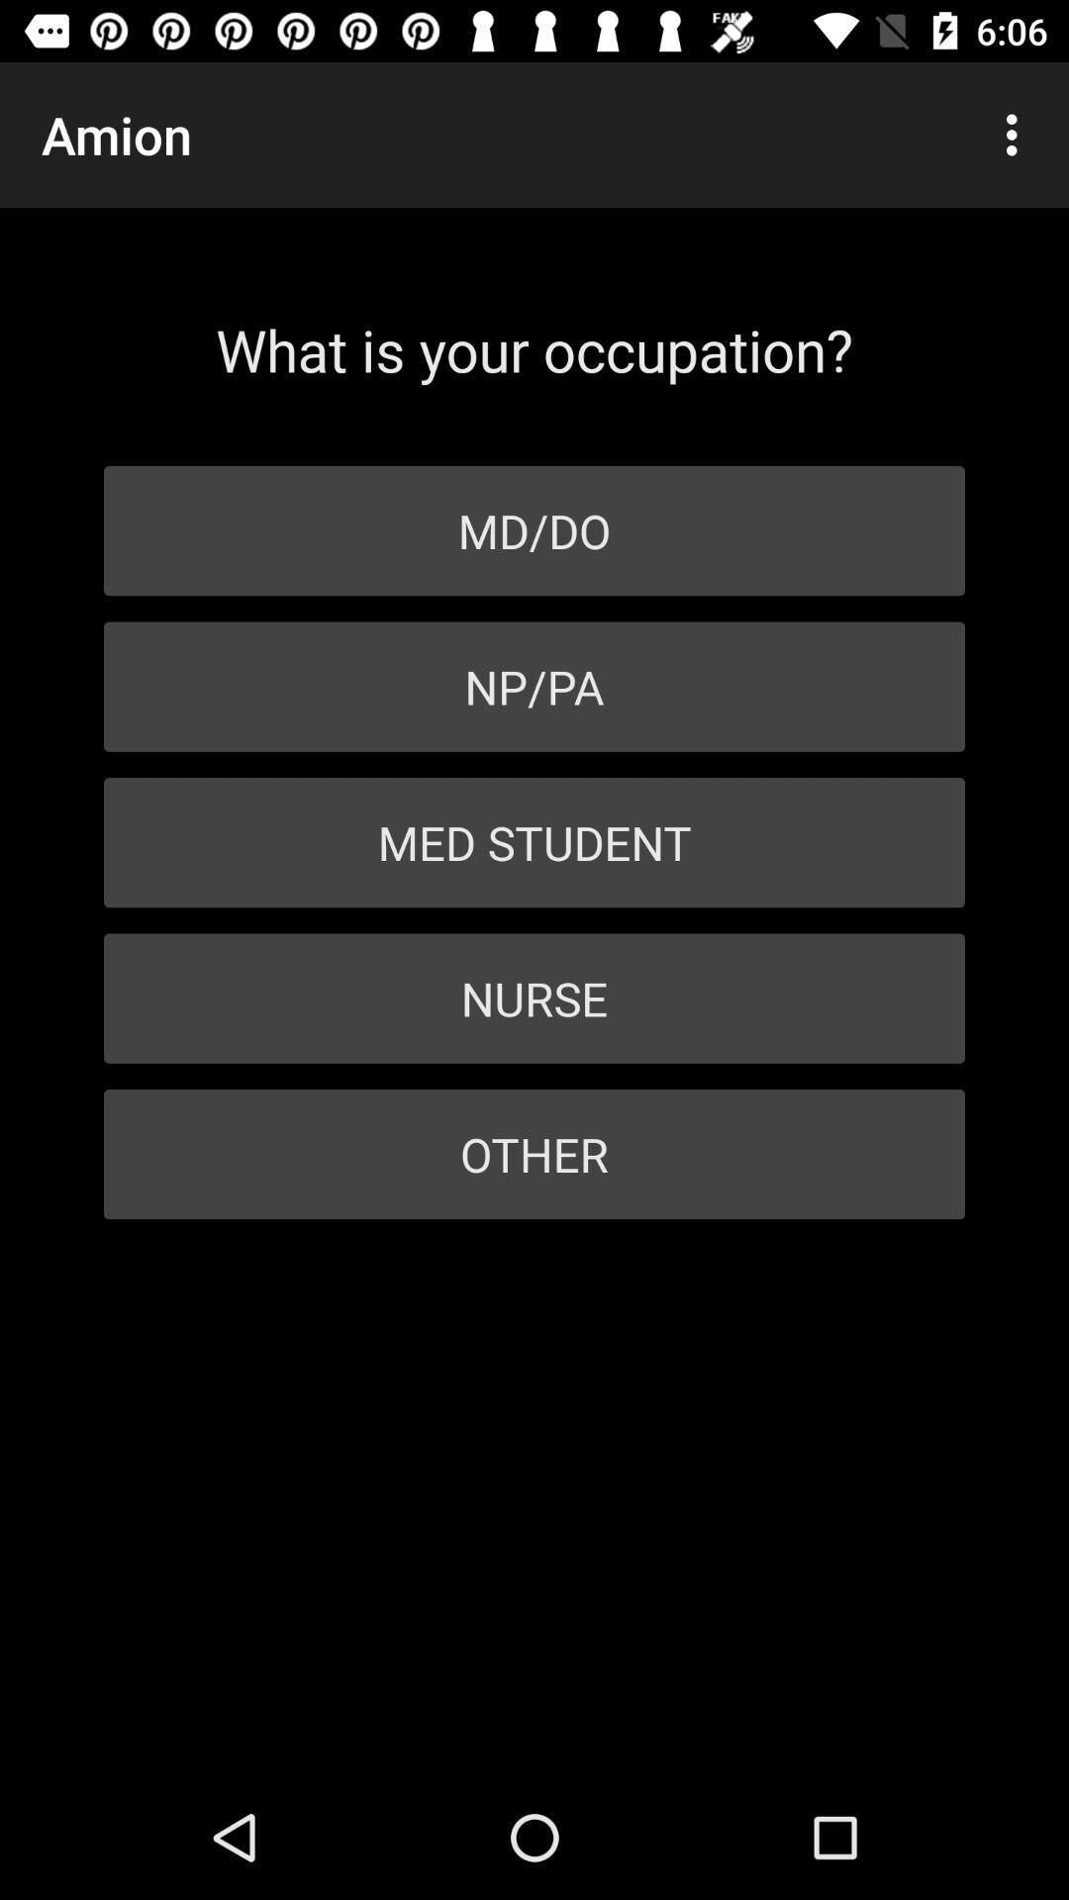  What do you see at coordinates (534, 687) in the screenshot?
I see `icon above med student` at bounding box center [534, 687].